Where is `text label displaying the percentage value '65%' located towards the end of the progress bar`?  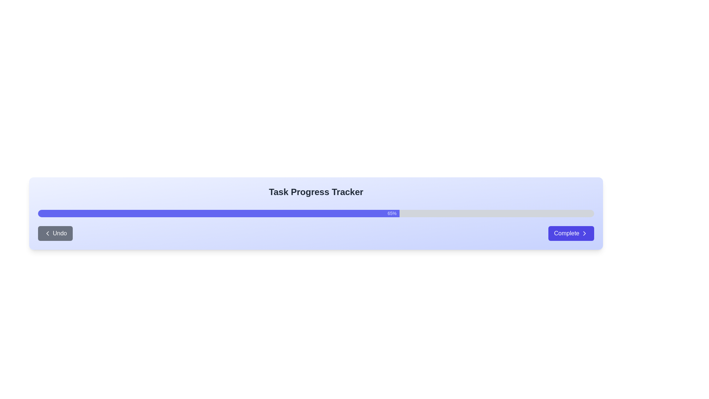 text label displaying the percentage value '65%' located towards the end of the progress bar is located at coordinates (391, 214).